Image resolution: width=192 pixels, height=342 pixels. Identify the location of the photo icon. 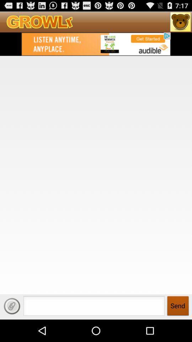
(180, 23).